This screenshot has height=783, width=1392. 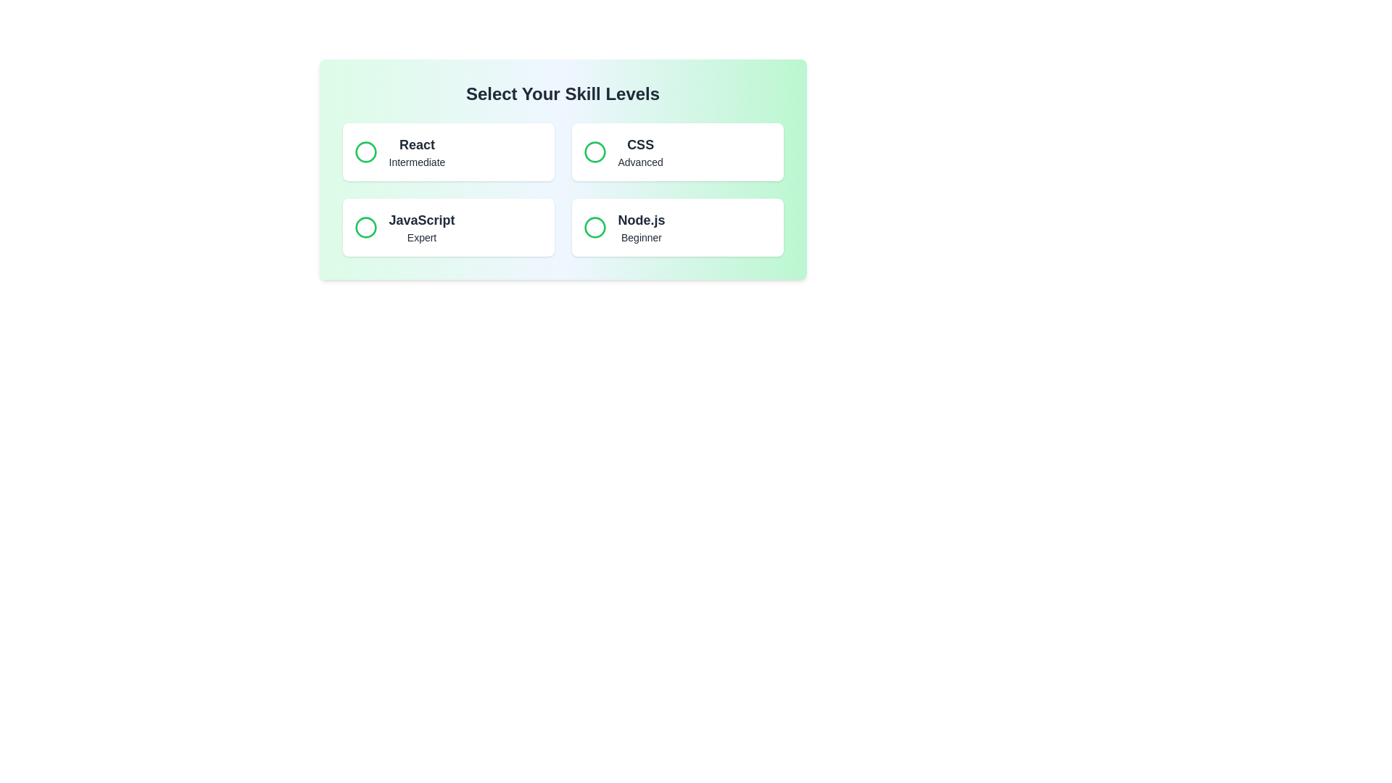 I want to click on the button representing CSS to observe the visual feedback, so click(x=676, y=152).